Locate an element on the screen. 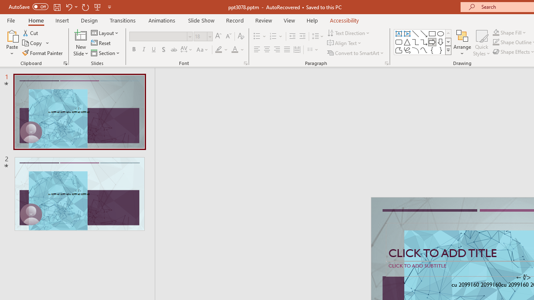 Image resolution: width=534 pixels, height=300 pixels. 'Decrease Font Size' is located at coordinates (228, 36).